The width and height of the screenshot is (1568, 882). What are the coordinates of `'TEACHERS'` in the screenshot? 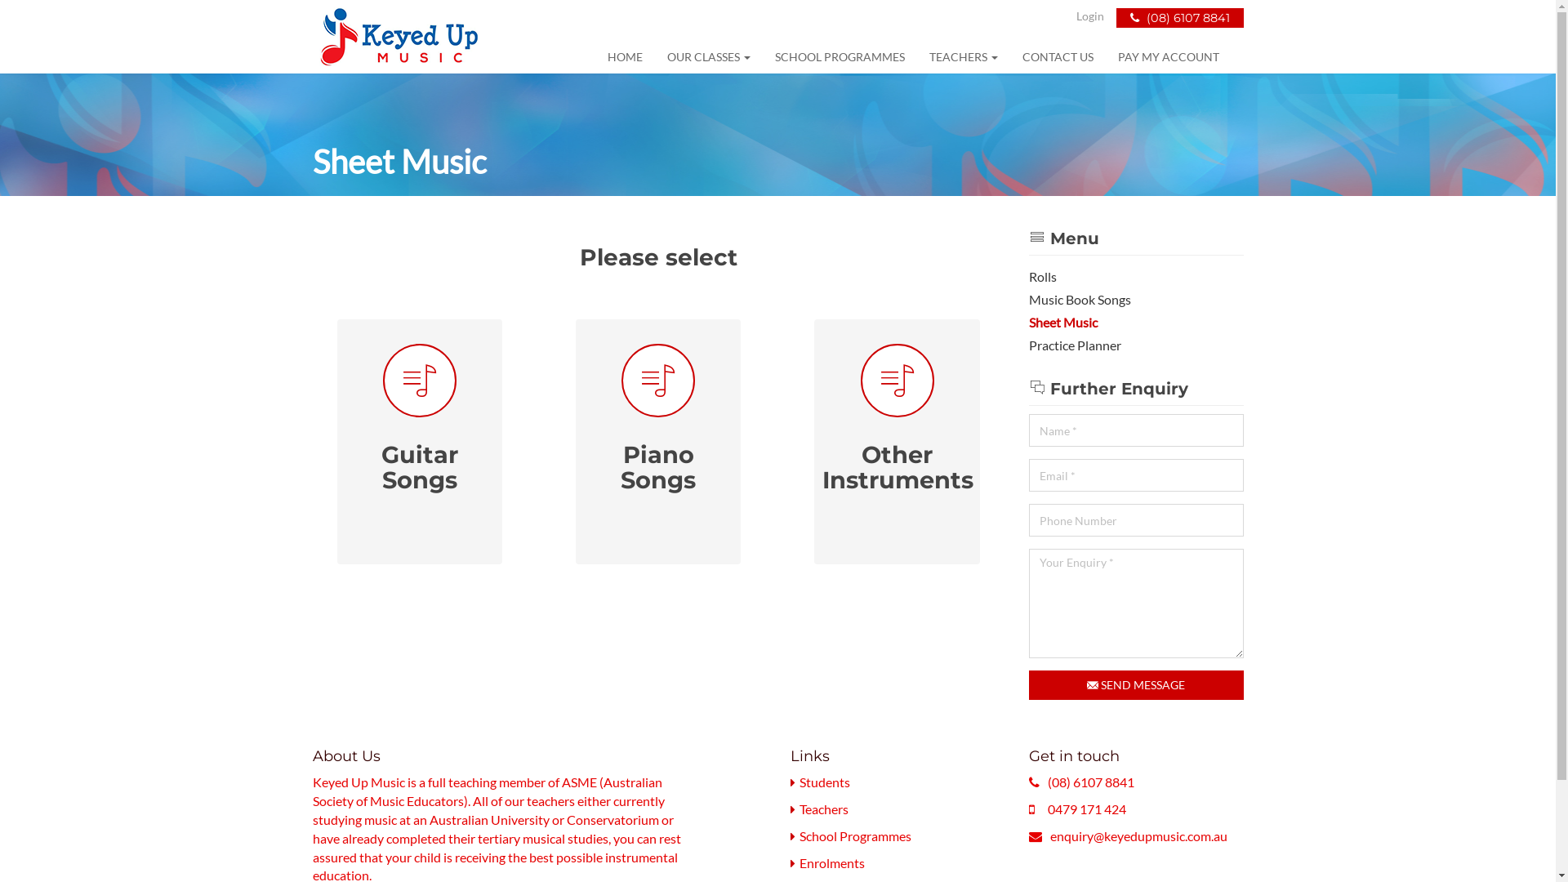 It's located at (963, 56).